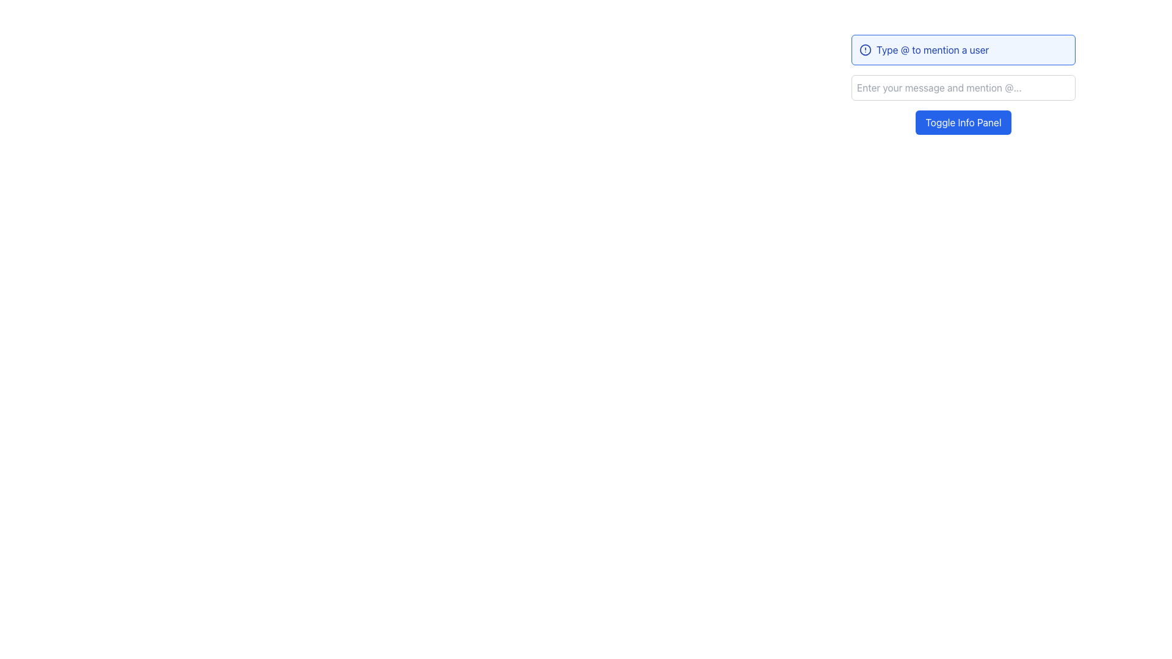 This screenshot has width=1172, height=659. I want to click on the decorative SVG Circle that serves as the base of a warning or alert icon, located near the top-left corner of the input box labeled 'Type @ to mention a user', so click(864, 49).